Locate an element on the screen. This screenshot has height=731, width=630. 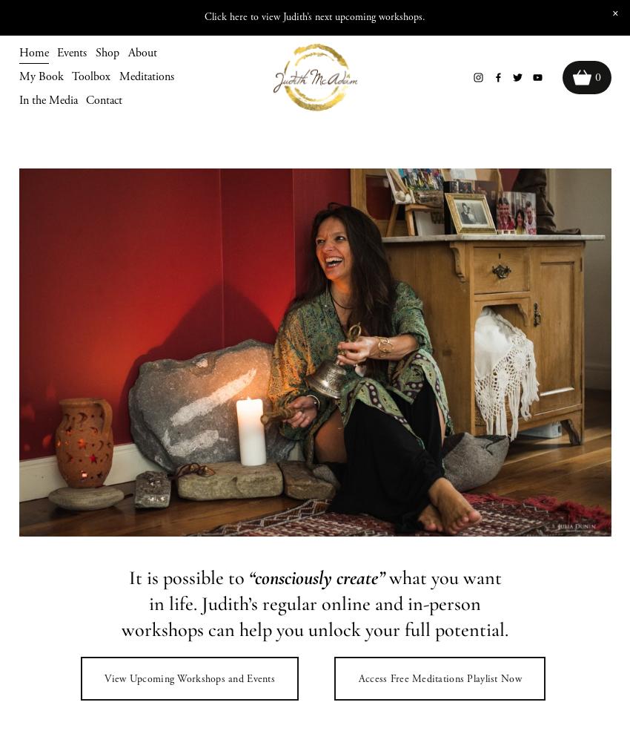
'Toolbox' is located at coordinates (90, 76).